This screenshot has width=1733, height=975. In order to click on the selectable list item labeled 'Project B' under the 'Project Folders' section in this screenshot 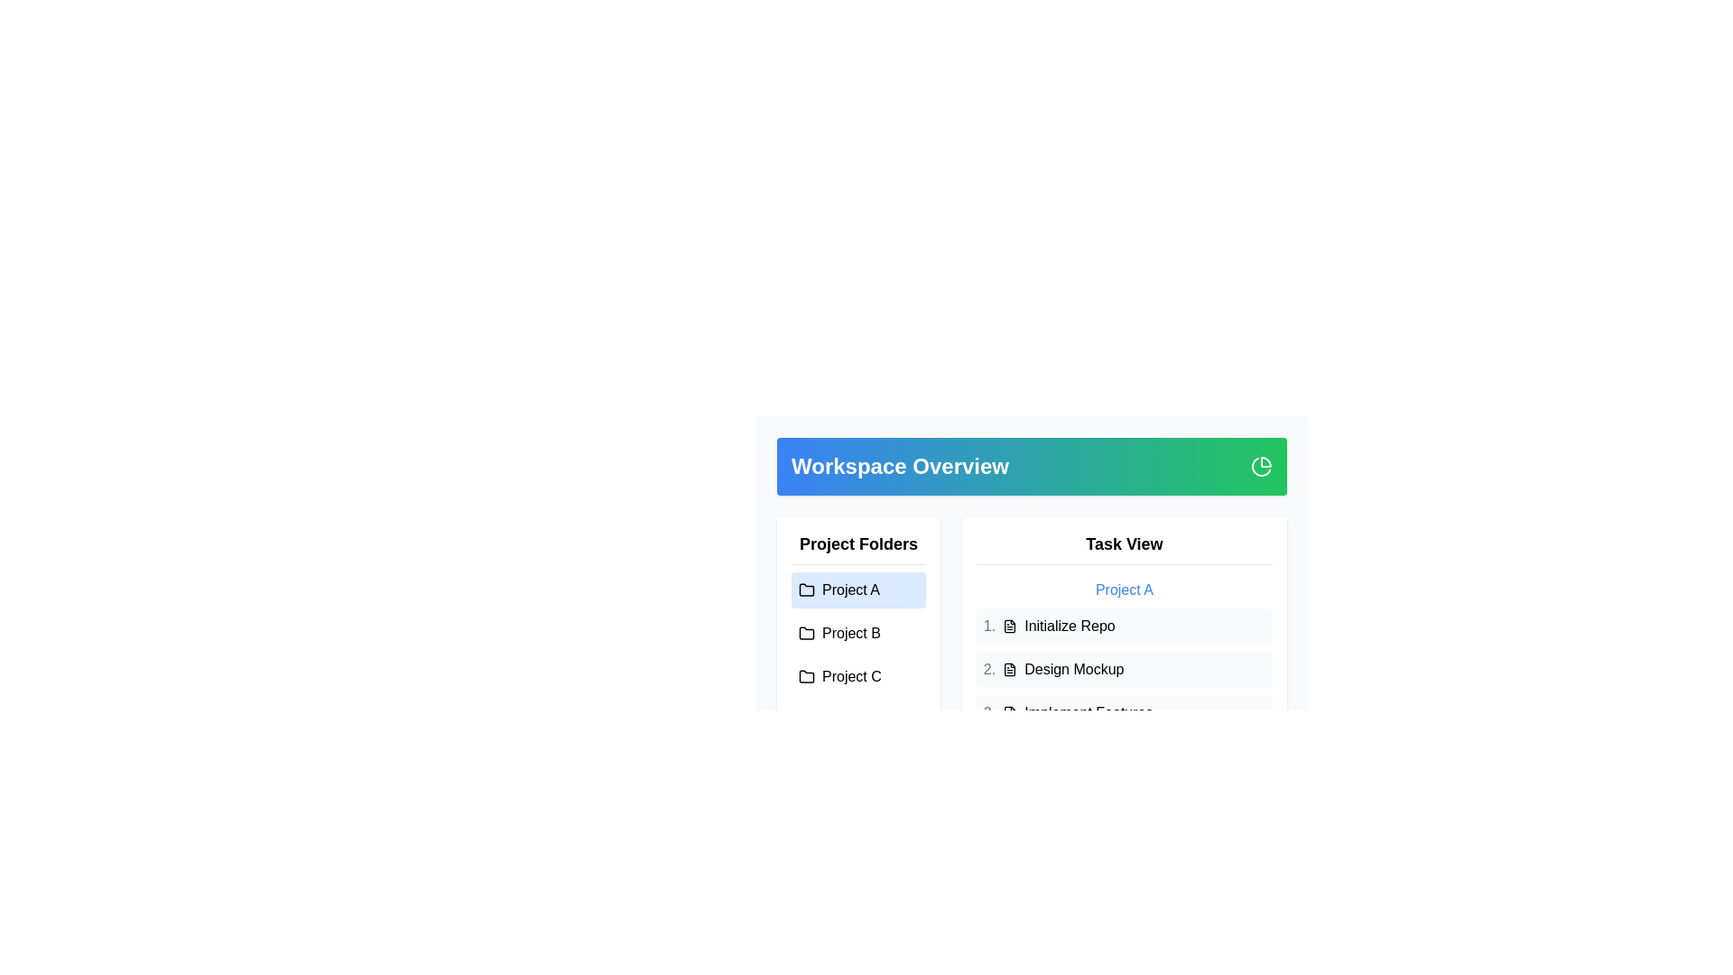, I will do `click(857, 633)`.